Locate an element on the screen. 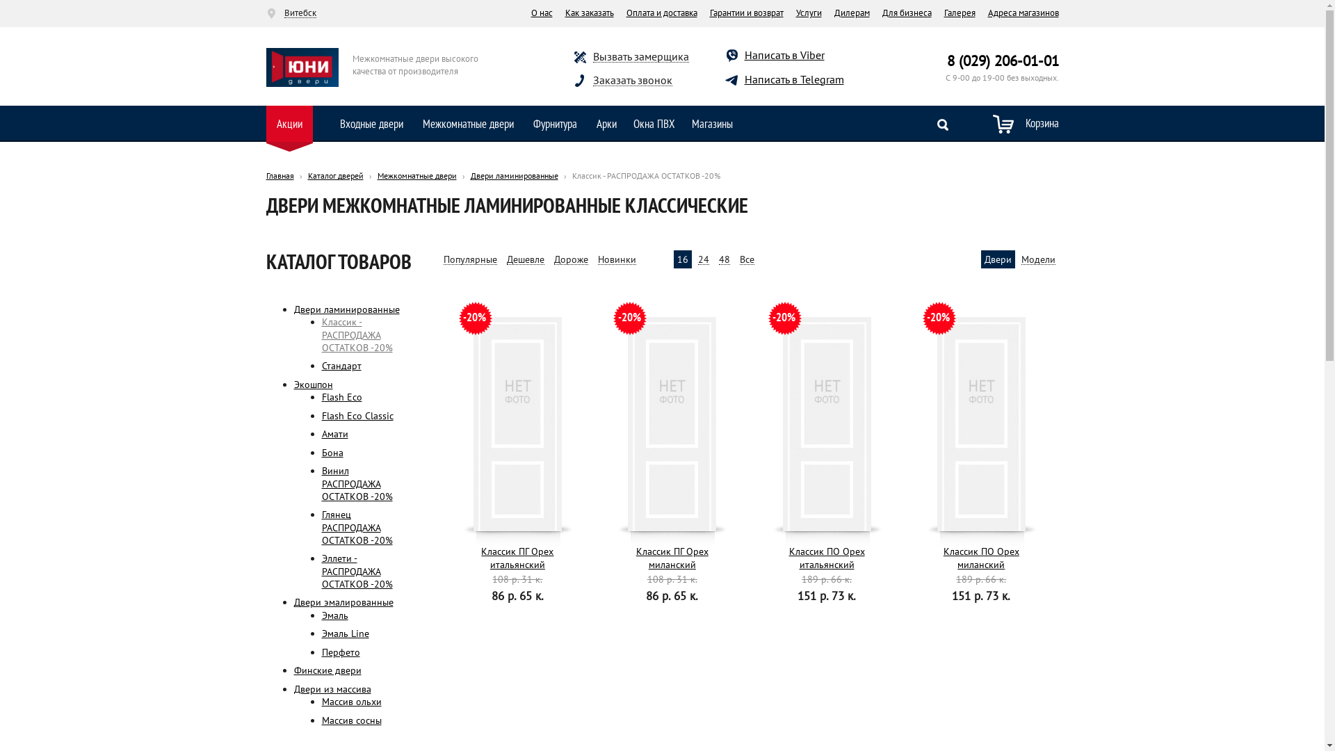 The width and height of the screenshot is (1335, 751). '-20%' is located at coordinates (453, 423).